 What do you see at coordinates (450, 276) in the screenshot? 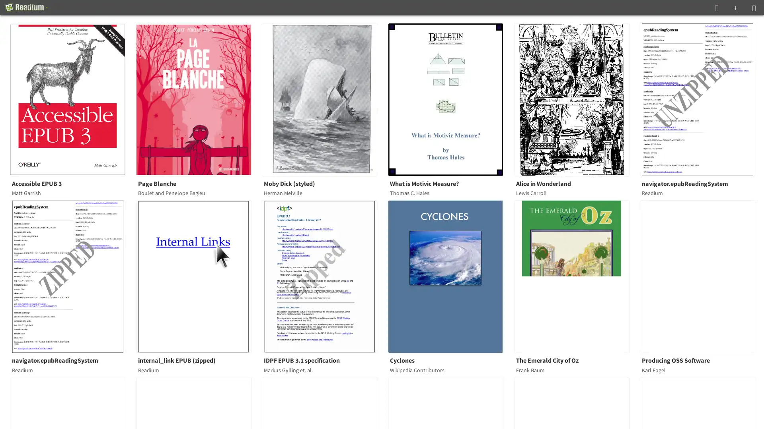
I see `(10) Cyclones` at bounding box center [450, 276].